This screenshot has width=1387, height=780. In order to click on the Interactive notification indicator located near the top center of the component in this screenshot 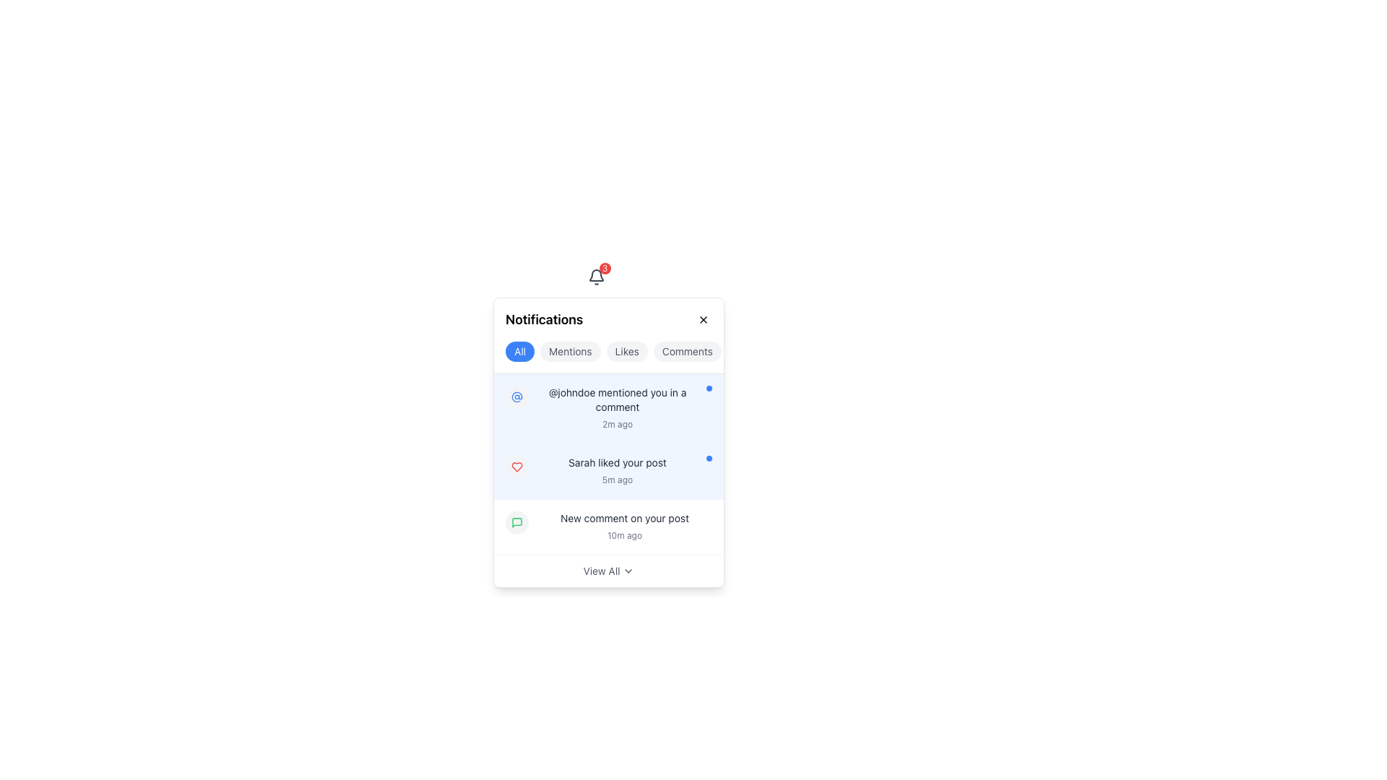, I will do `click(596, 277)`.